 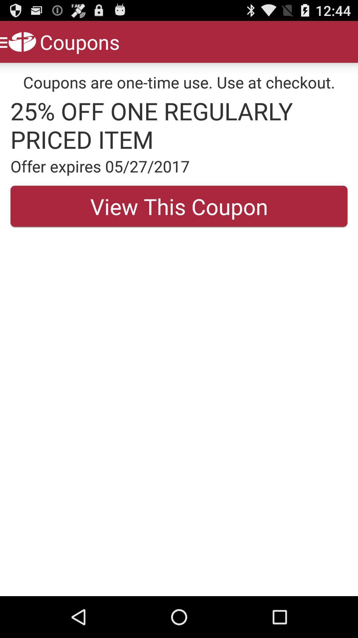 I want to click on the view this coupon icon, so click(x=179, y=206).